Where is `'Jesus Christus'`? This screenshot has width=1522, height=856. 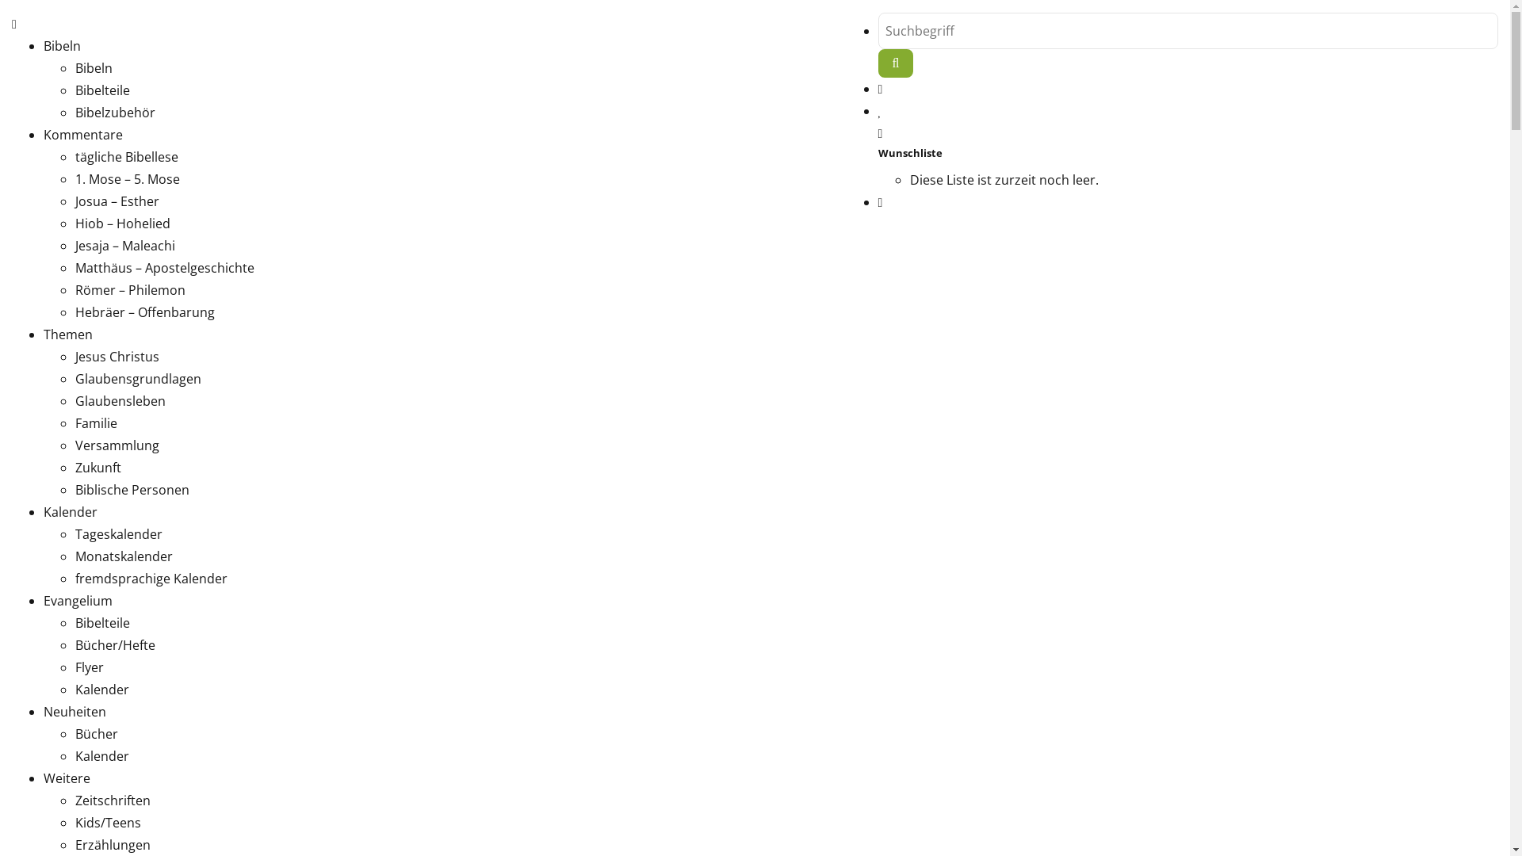
'Jesus Christus' is located at coordinates (117, 357).